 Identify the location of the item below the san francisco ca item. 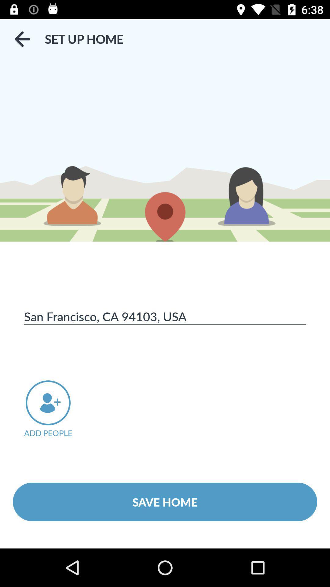
(57, 409).